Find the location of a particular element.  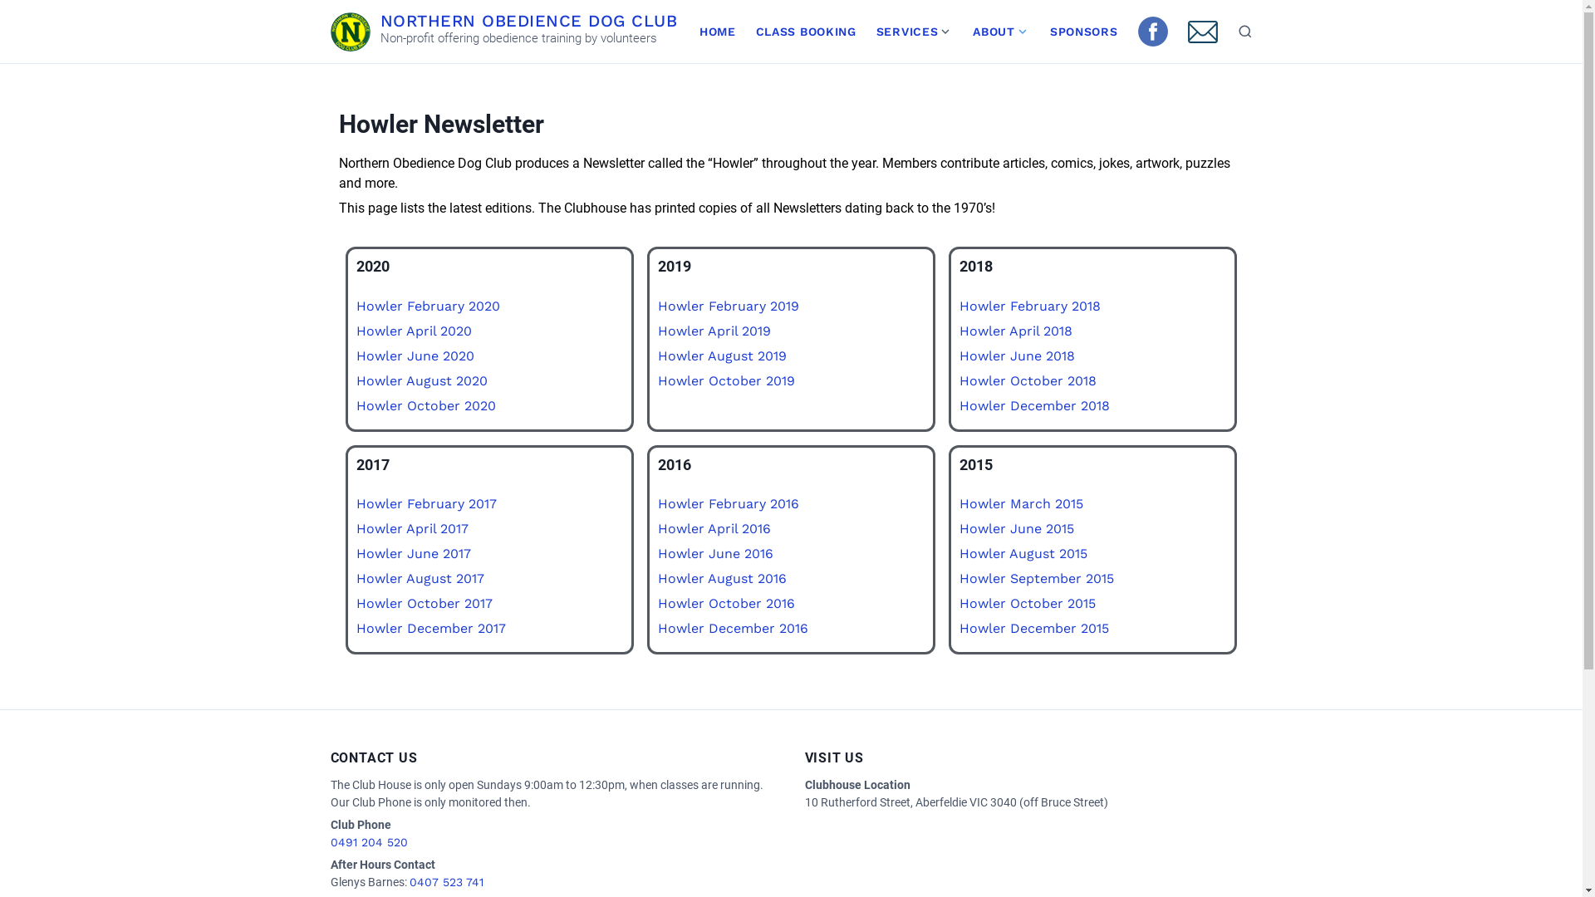

'HOME' is located at coordinates (718, 32).